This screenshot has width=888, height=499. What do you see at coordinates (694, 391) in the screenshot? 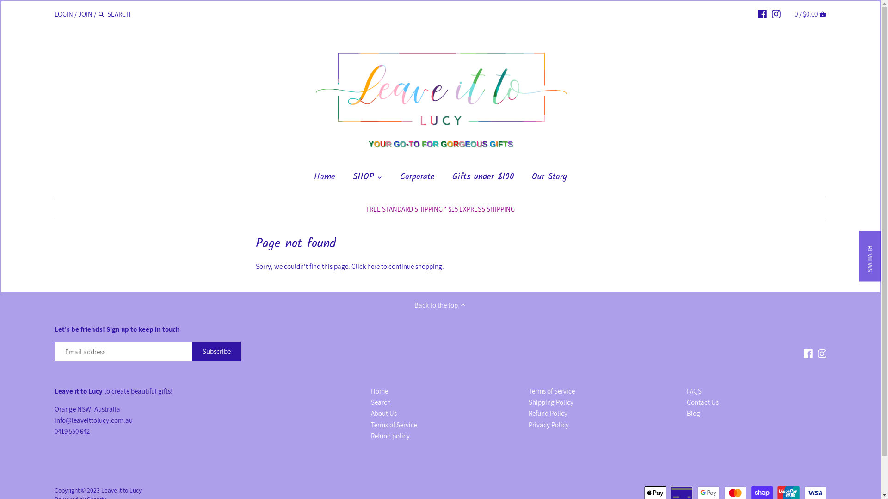
I see `'FAQS'` at bounding box center [694, 391].